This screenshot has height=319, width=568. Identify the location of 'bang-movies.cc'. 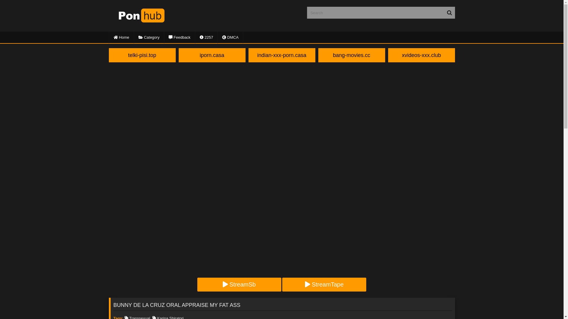
(352, 55).